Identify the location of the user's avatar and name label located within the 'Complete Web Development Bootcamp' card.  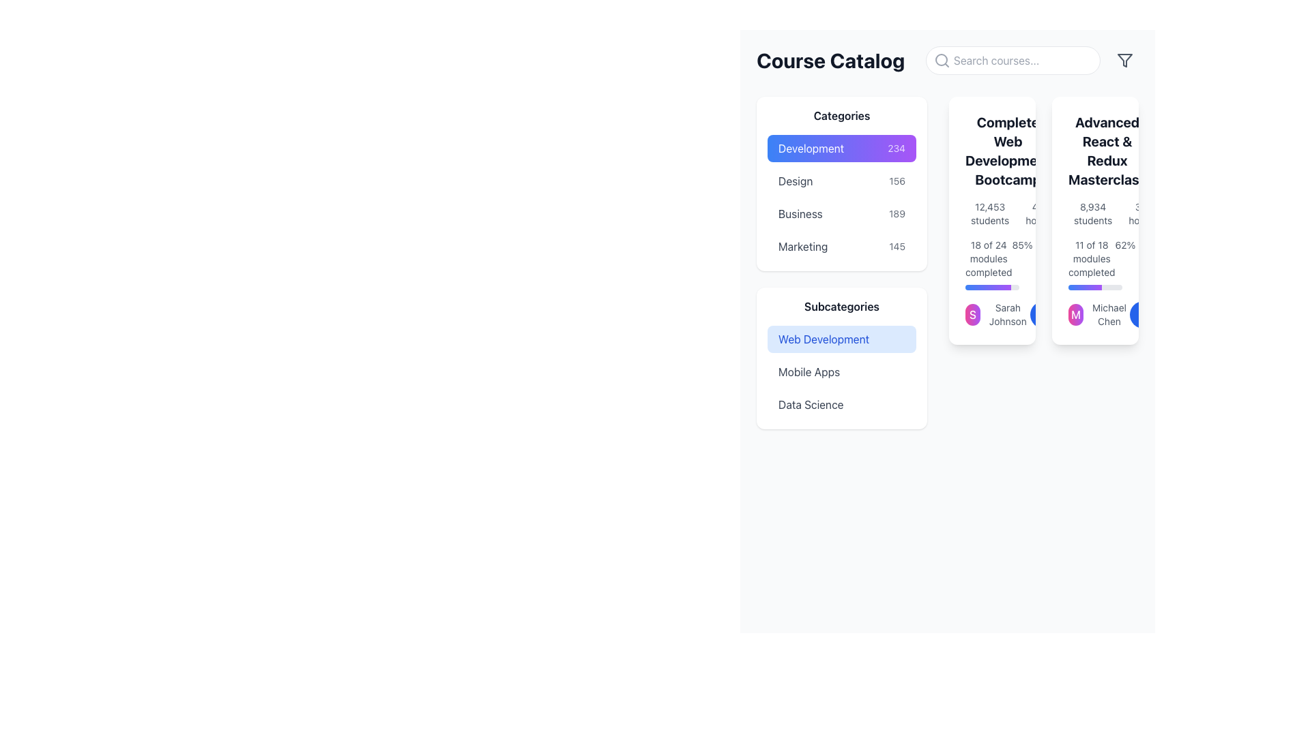
(998, 315).